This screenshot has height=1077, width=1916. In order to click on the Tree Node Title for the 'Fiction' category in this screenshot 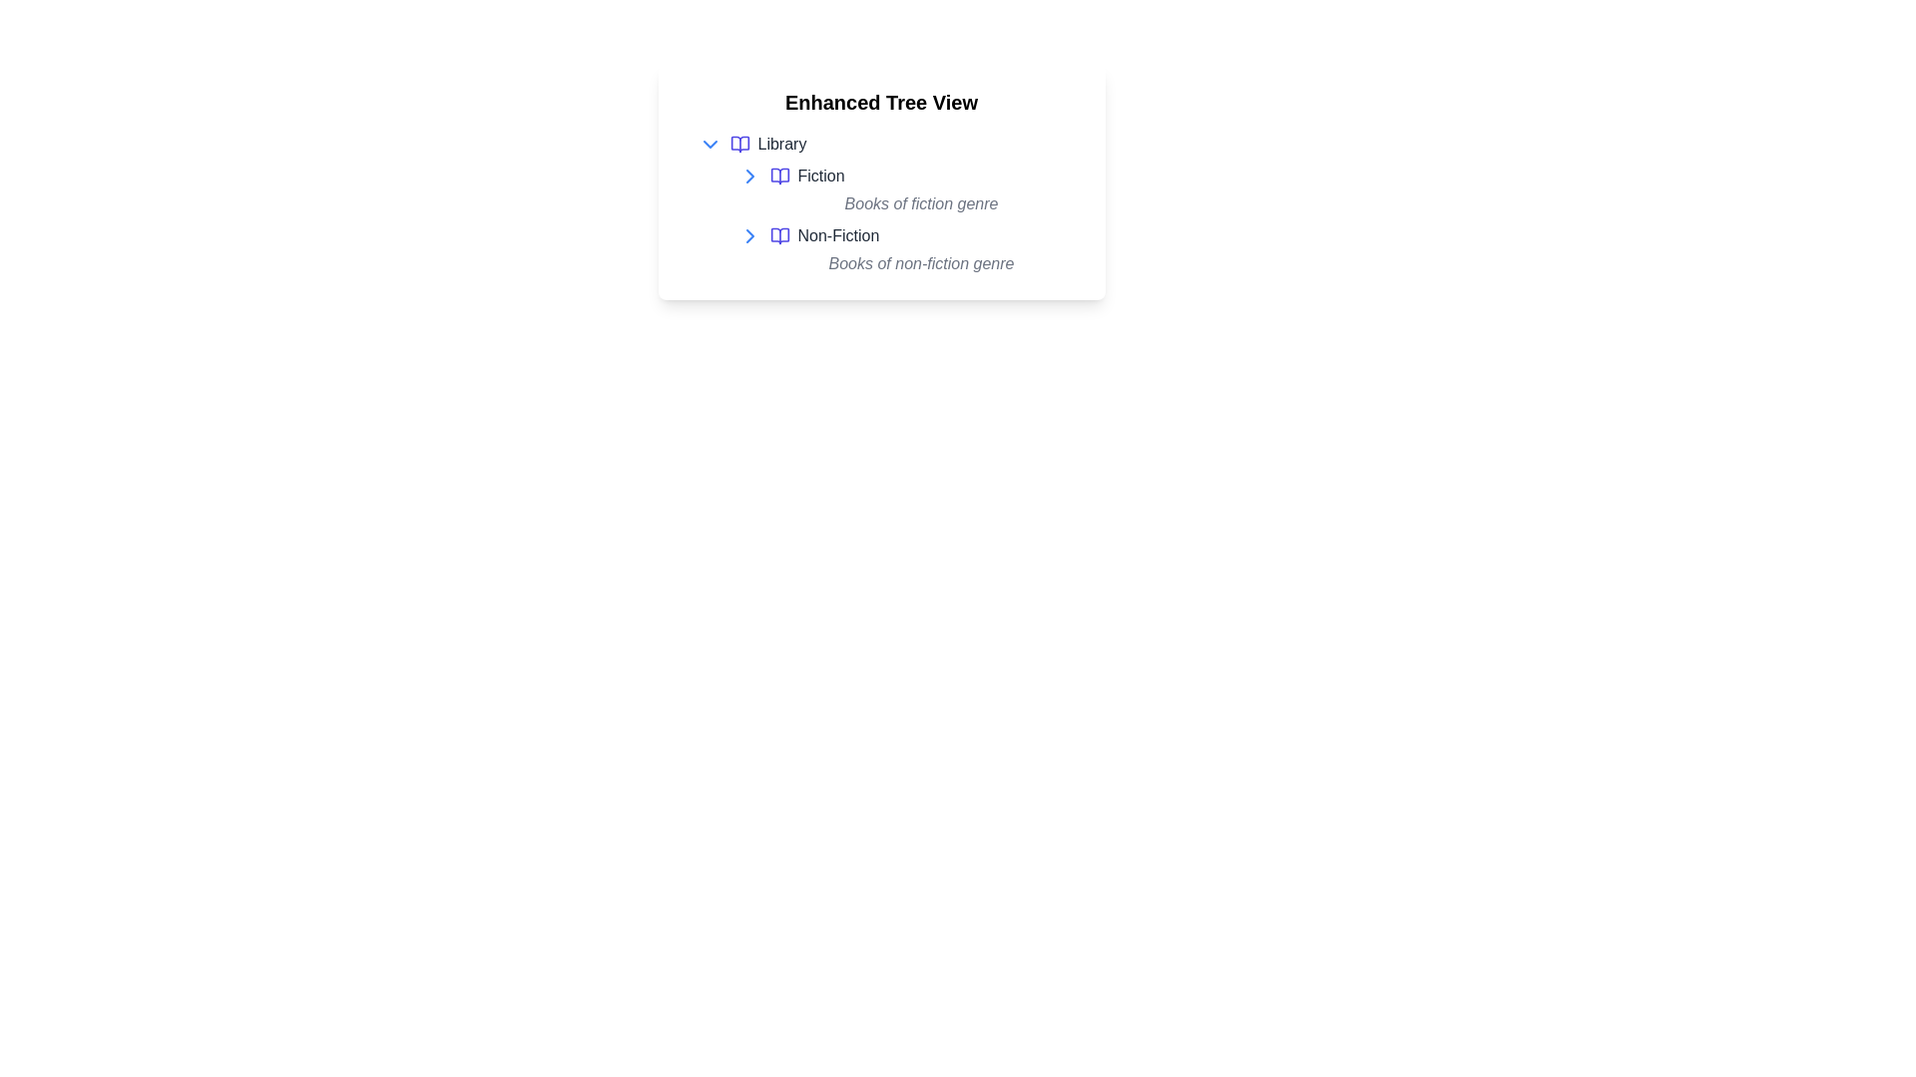, I will do `click(908, 176)`.